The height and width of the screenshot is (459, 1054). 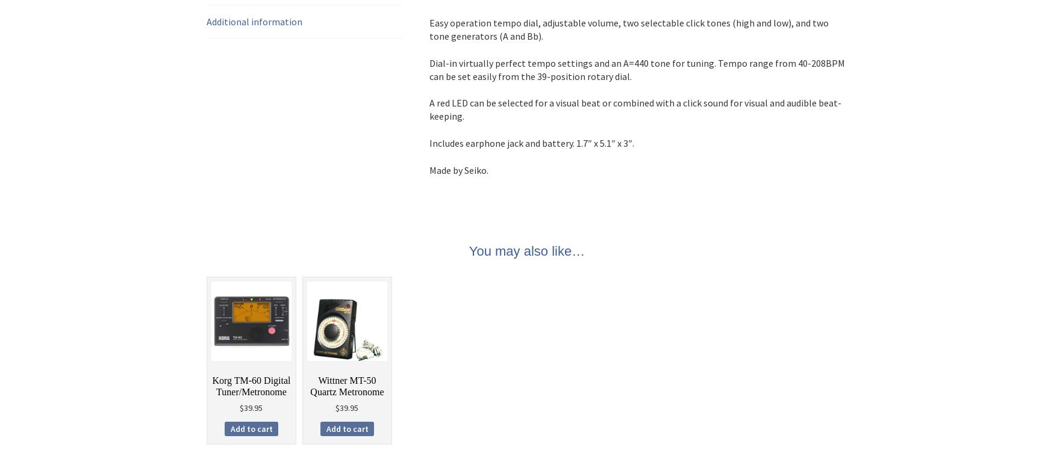 What do you see at coordinates (429, 142) in the screenshot?
I see `'Includes earphone jack and battery. 1.7″ x 5.1″ x 3″.'` at bounding box center [429, 142].